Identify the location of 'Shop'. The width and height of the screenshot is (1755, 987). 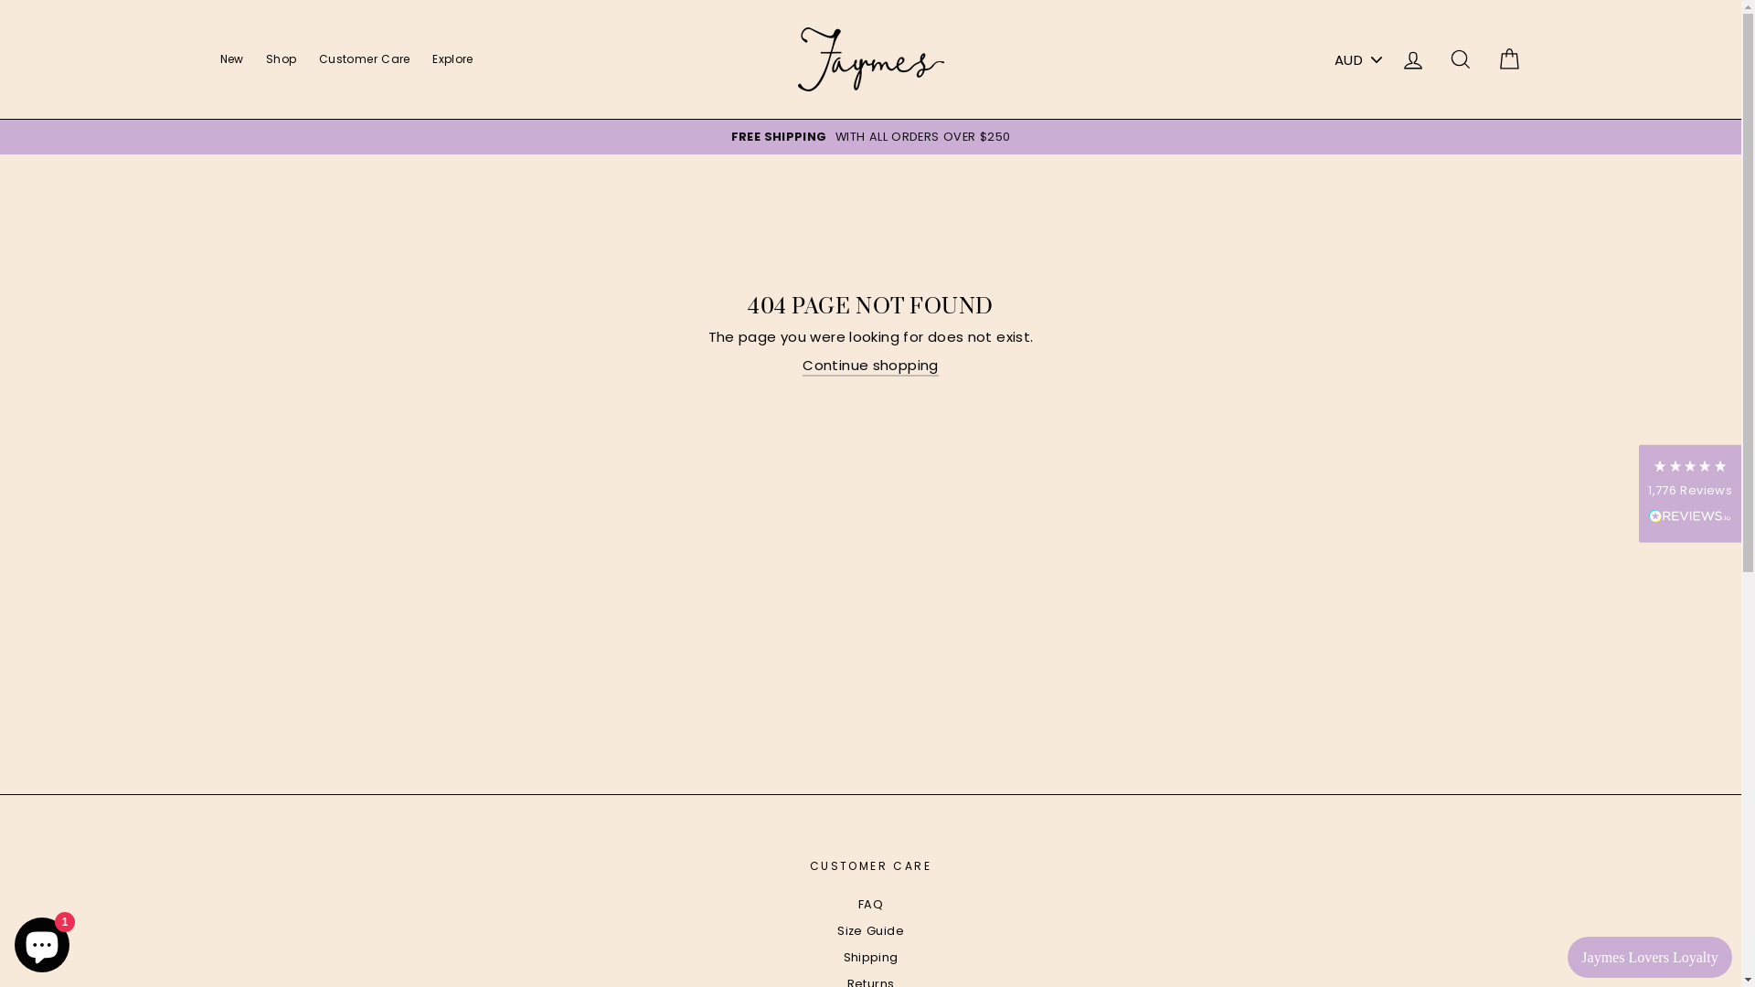
(280, 58).